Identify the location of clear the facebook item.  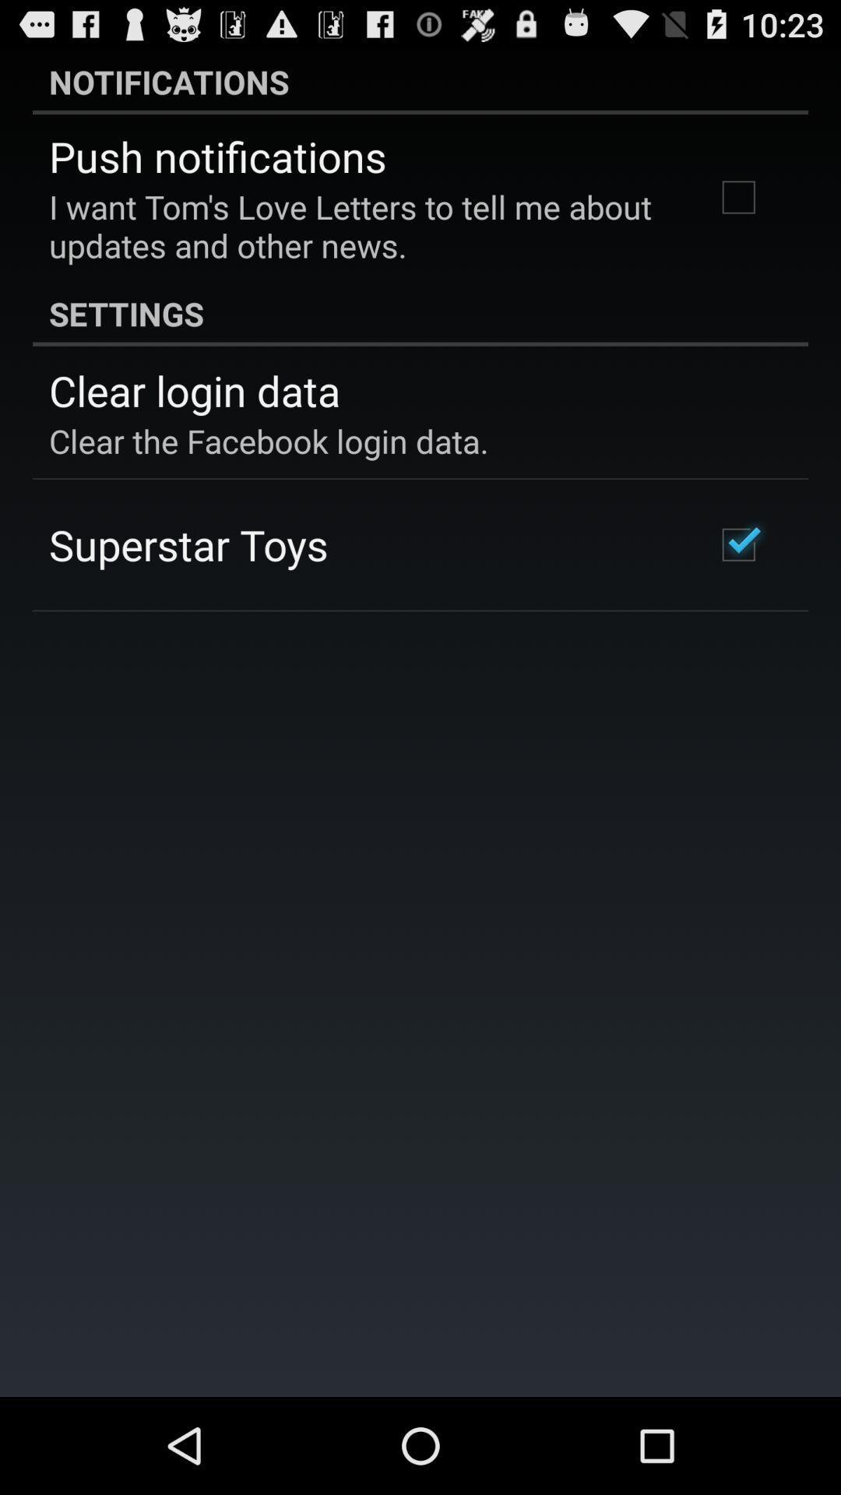
(268, 440).